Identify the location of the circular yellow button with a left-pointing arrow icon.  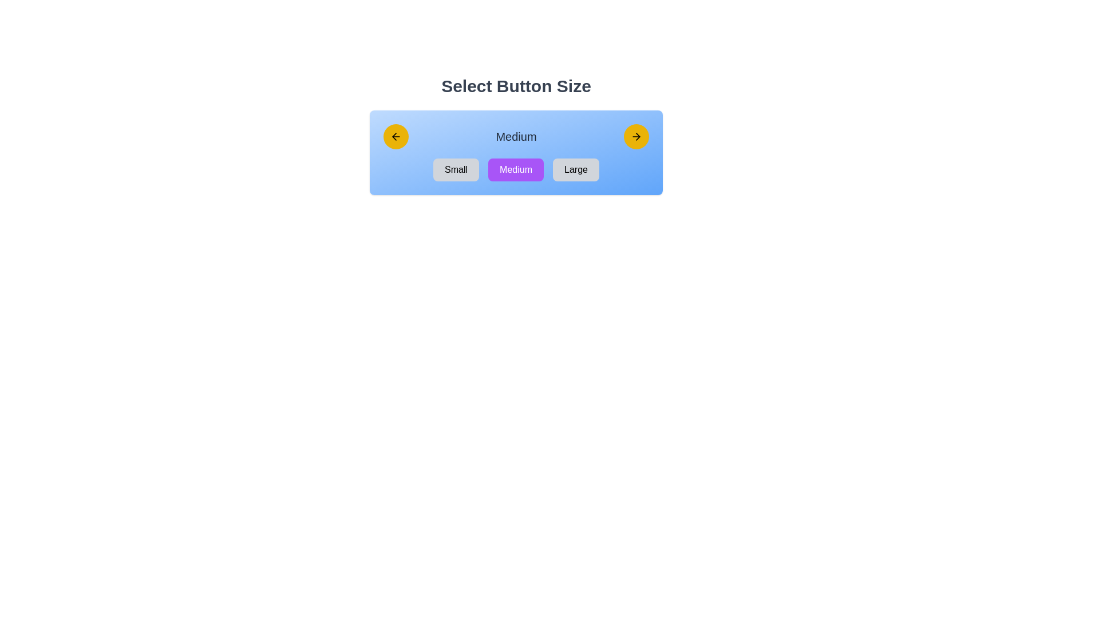
(396, 136).